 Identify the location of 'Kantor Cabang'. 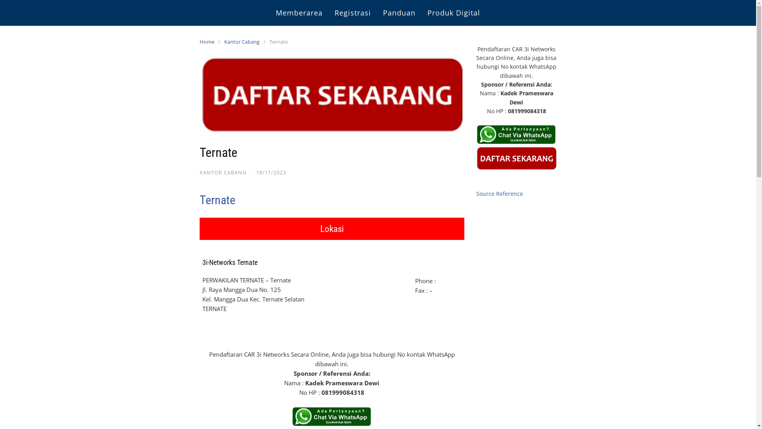
(243, 41).